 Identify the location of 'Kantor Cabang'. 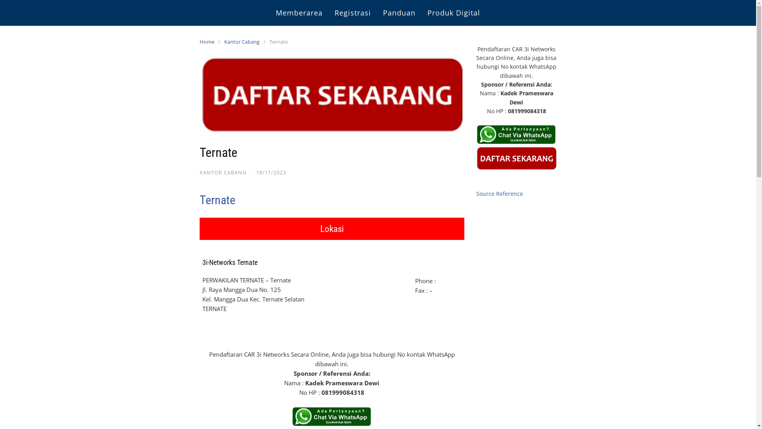
(243, 41).